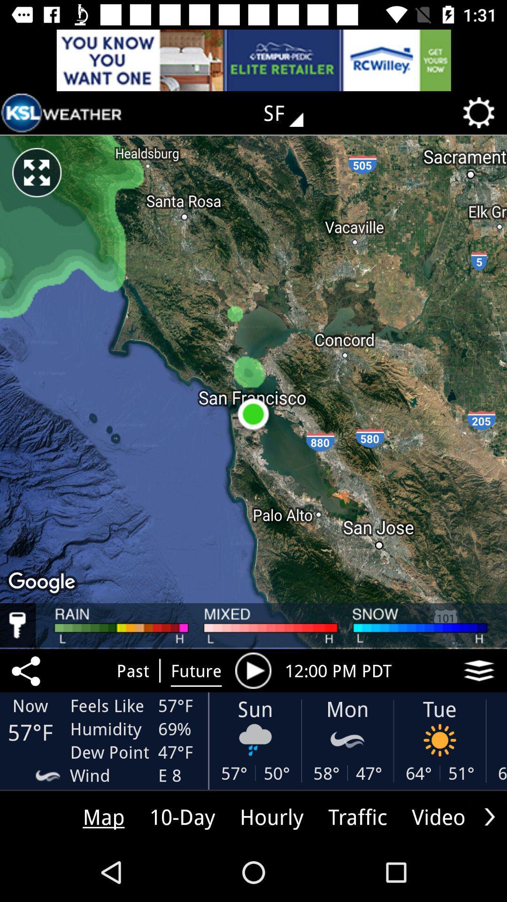 The image size is (507, 902). I want to click on the share icon, so click(27, 670).